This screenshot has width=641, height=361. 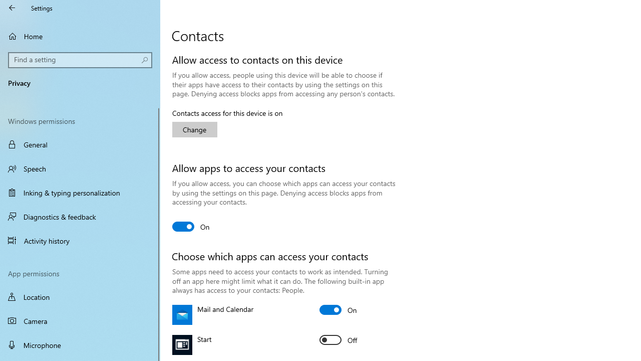 I want to click on 'Home', so click(x=80, y=36).